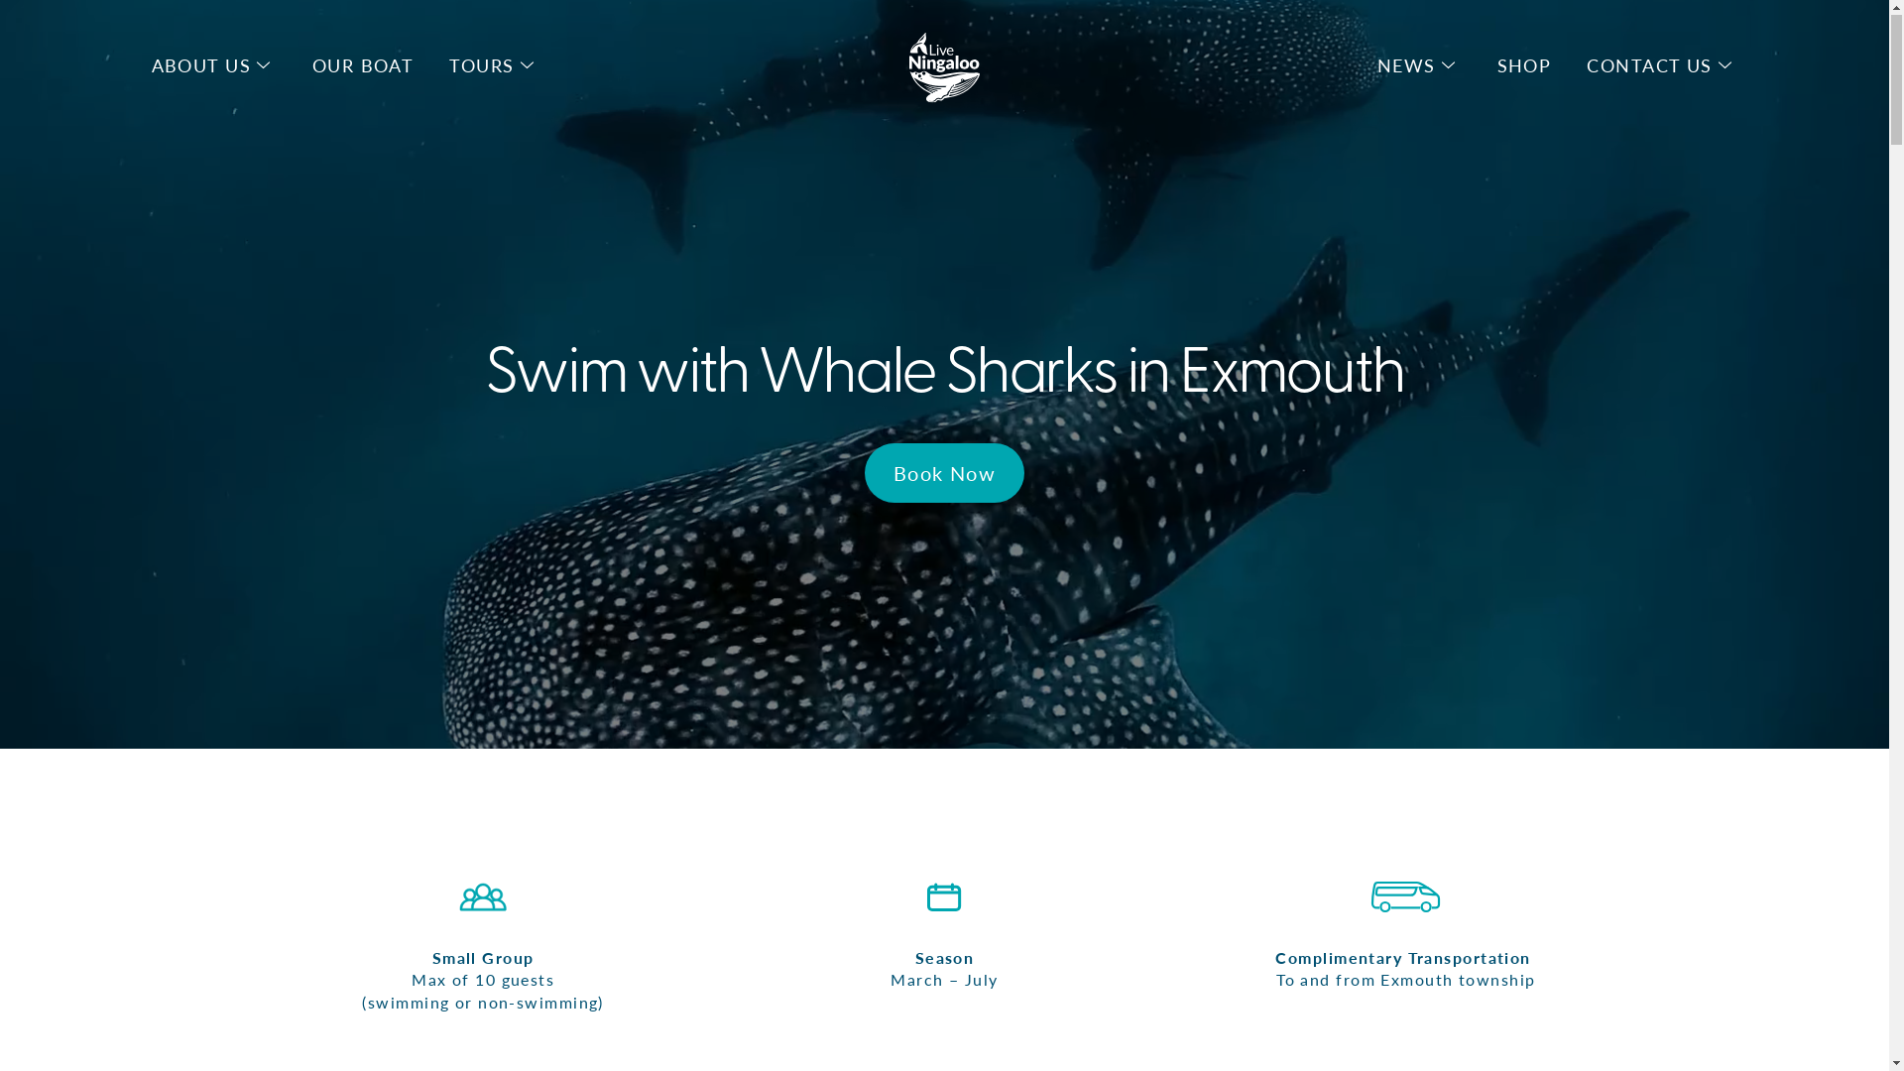  I want to click on 'ABOUT US', so click(200, 64).